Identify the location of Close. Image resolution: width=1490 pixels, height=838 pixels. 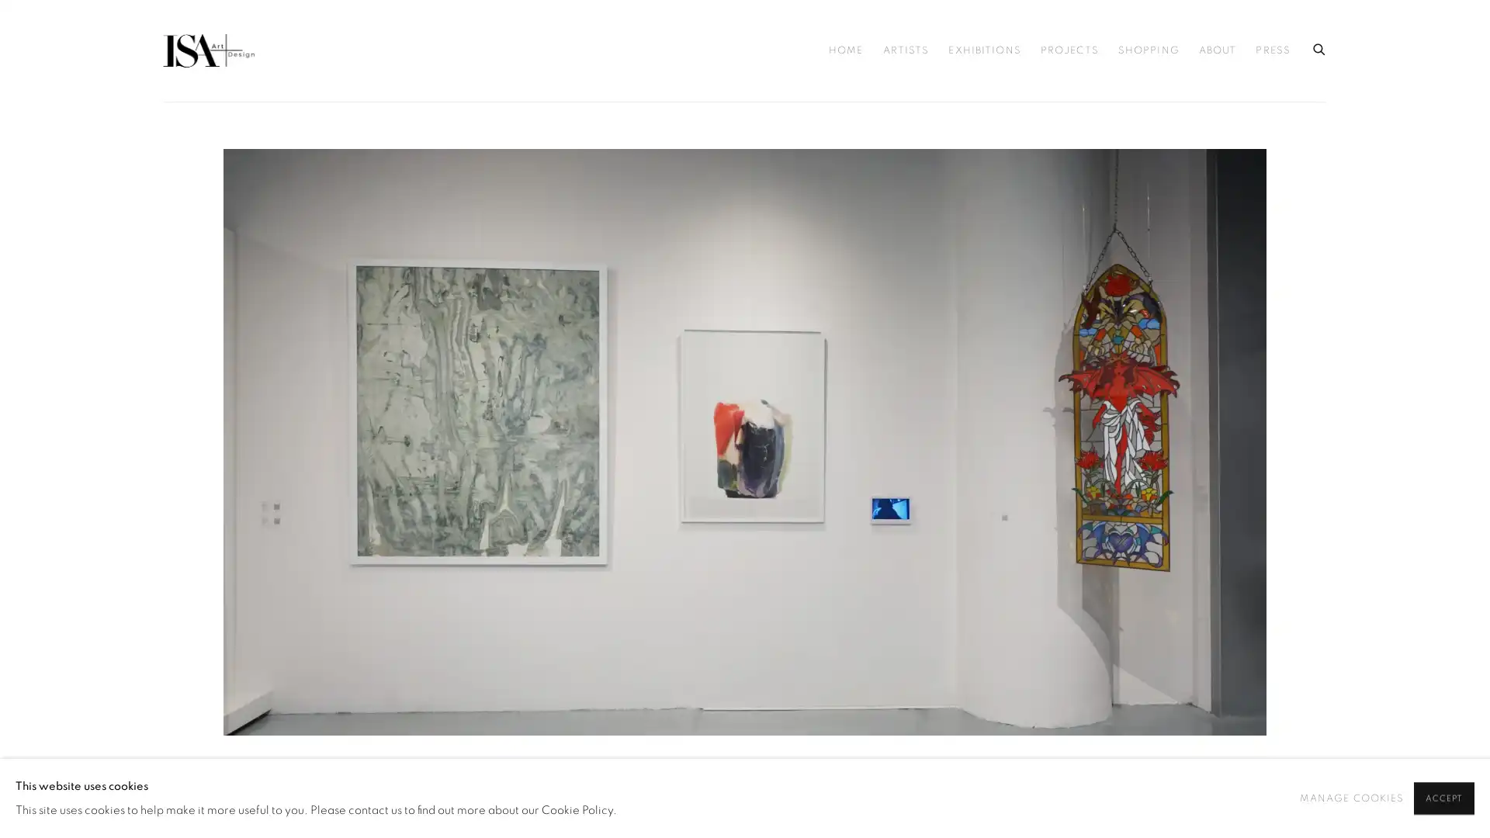
(920, 171).